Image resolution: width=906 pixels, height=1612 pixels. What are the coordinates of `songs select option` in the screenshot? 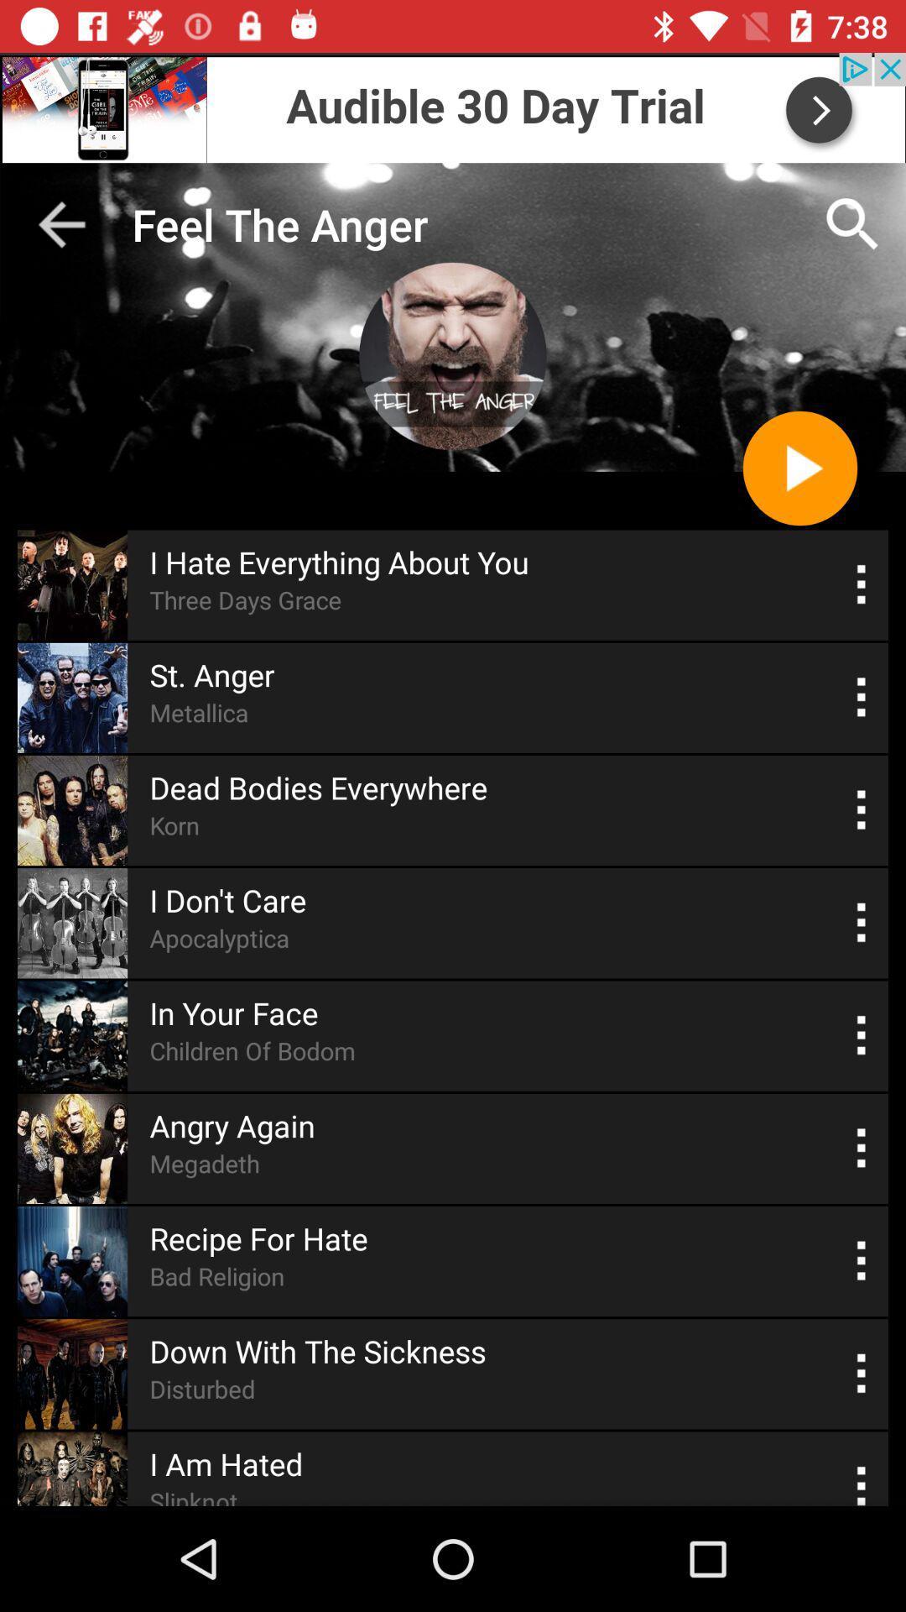 It's located at (862, 1483).